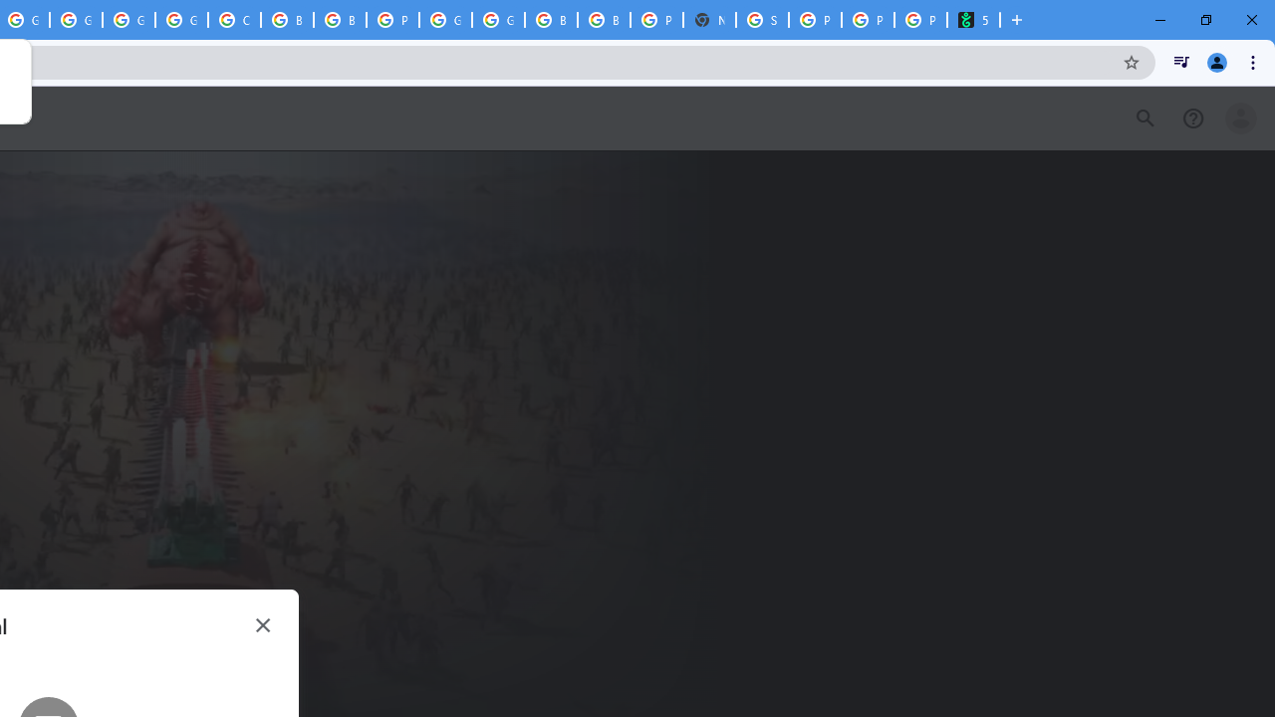 Image resolution: width=1275 pixels, height=717 pixels. Describe the element at coordinates (444, 20) in the screenshot. I see `'Google Cloud Platform'` at that location.